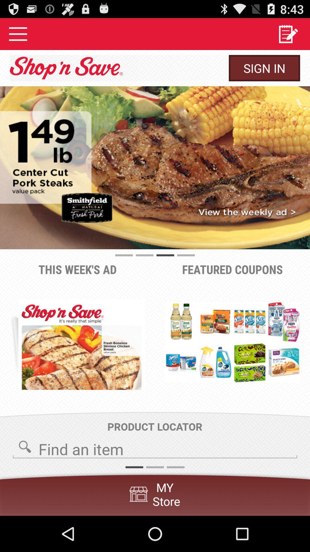 Image resolution: width=310 pixels, height=552 pixels. Describe the element at coordinates (264, 68) in the screenshot. I see `the sign in button` at that location.